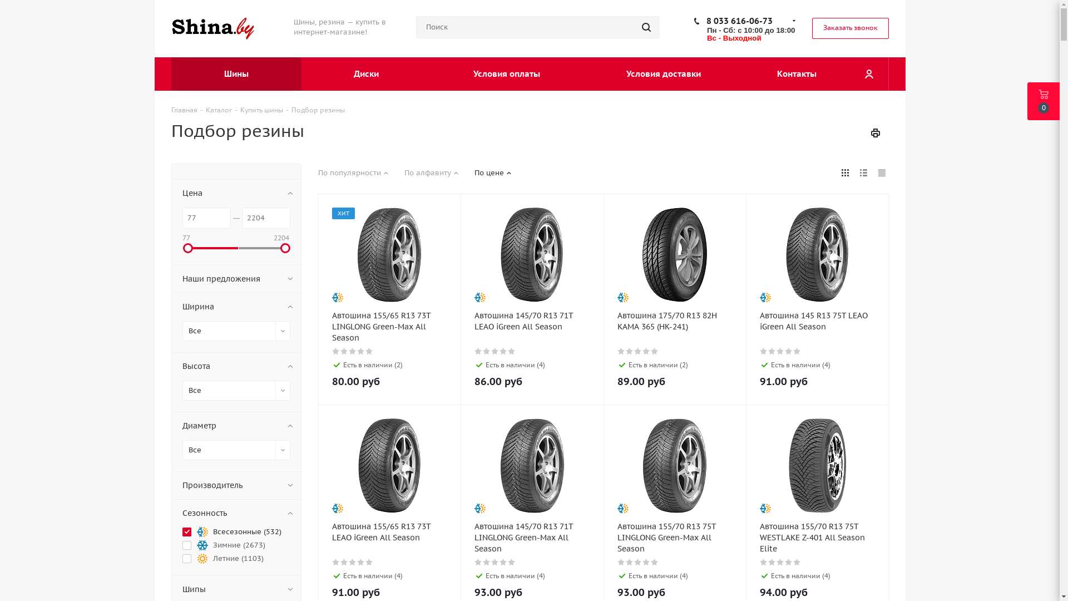 The image size is (1068, 601). What do you see at coordinates (503, 562) in the screenshot?
I see `'4'` at bounding box center [503, 562].